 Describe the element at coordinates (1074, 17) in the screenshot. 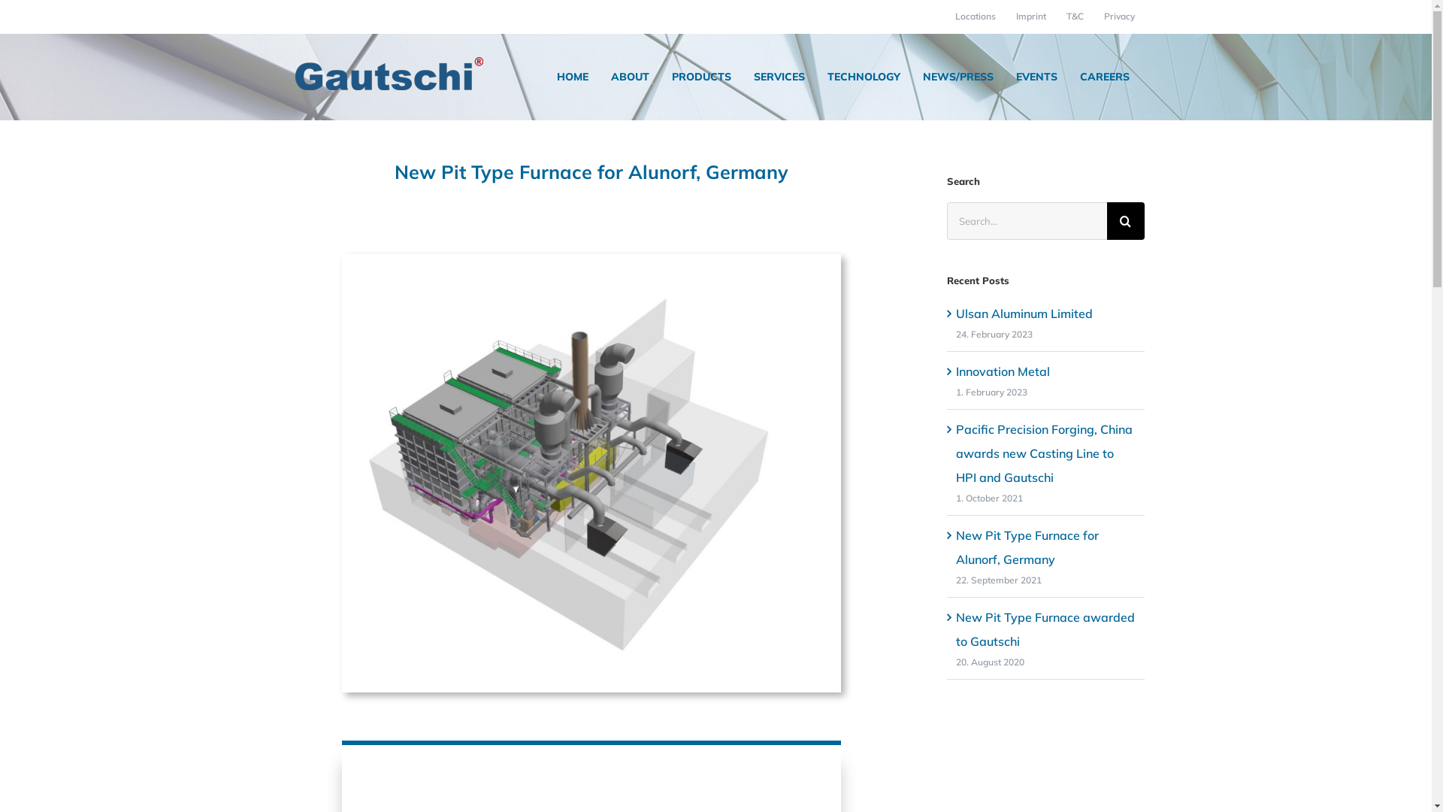

I see `'T&C'` at that location.